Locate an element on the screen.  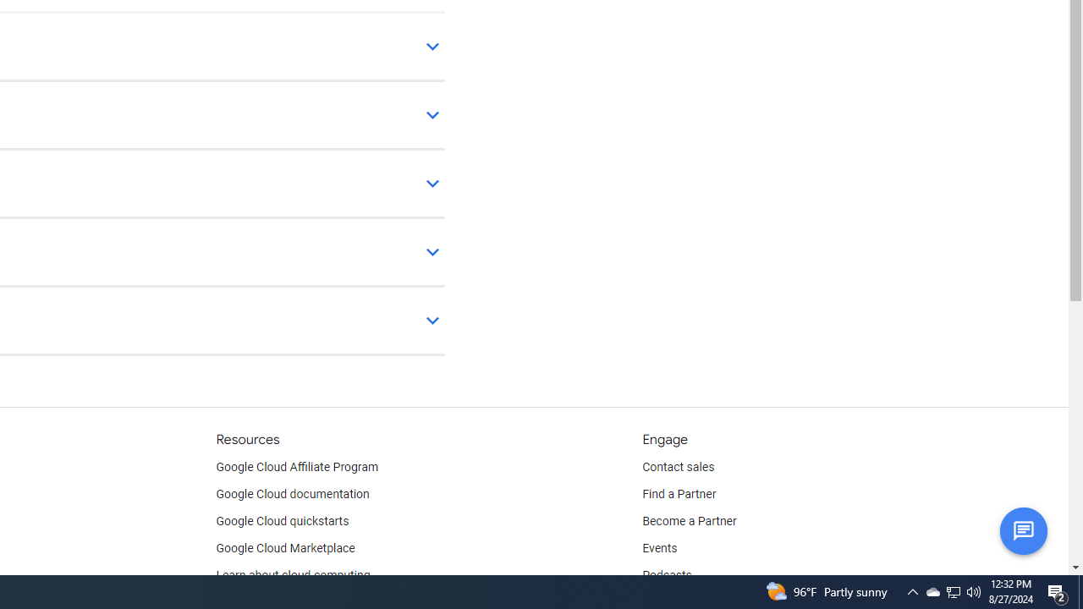
'Google Cloud Marketplace' is located at coordinates (285, 549).